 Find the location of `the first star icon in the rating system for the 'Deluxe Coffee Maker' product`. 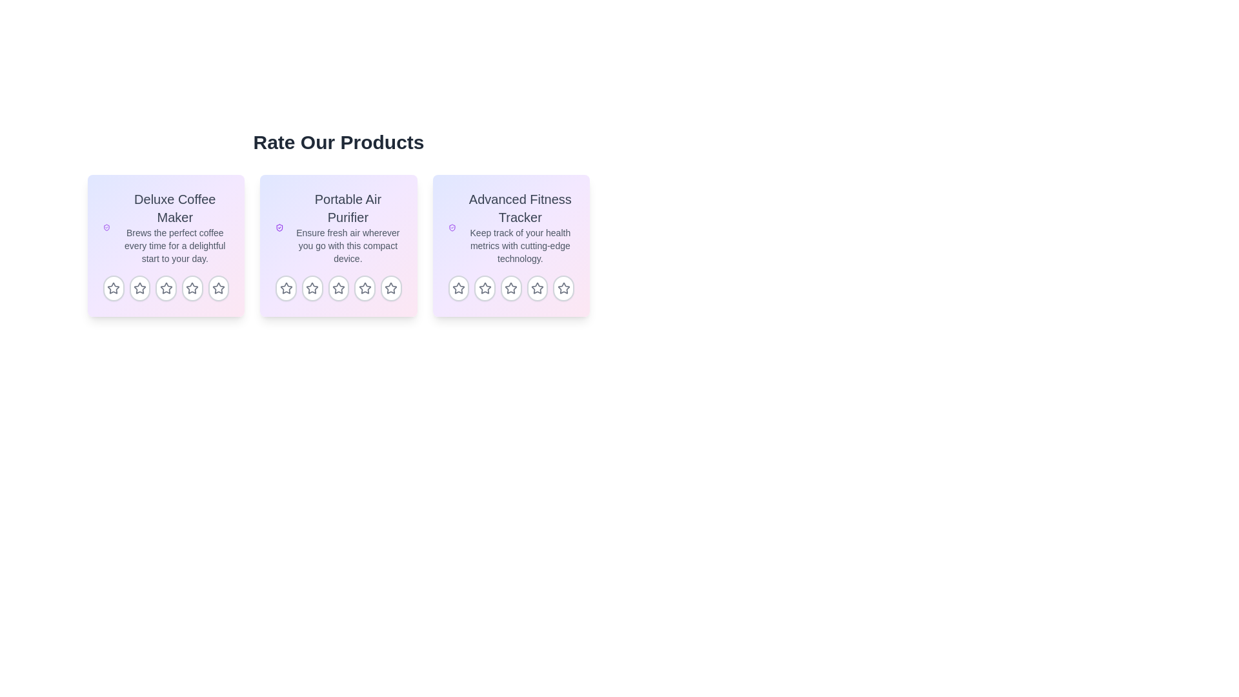

the first star icon in the rating system for the 'Deluxe Coffee Maker' product is located at coordinates (139, 288).